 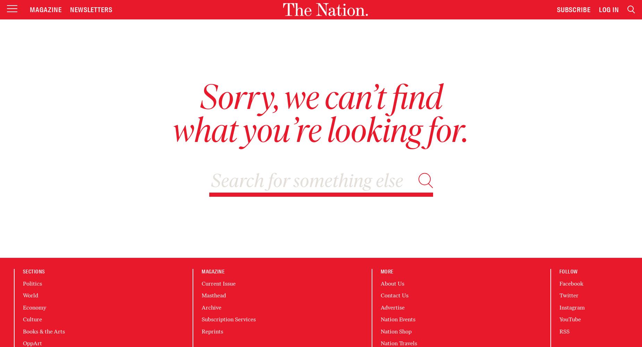 What do you see at coordinates (395, 331) in the screenshot?
I see `'Nation Shop'` at bounding box center [395, 331].